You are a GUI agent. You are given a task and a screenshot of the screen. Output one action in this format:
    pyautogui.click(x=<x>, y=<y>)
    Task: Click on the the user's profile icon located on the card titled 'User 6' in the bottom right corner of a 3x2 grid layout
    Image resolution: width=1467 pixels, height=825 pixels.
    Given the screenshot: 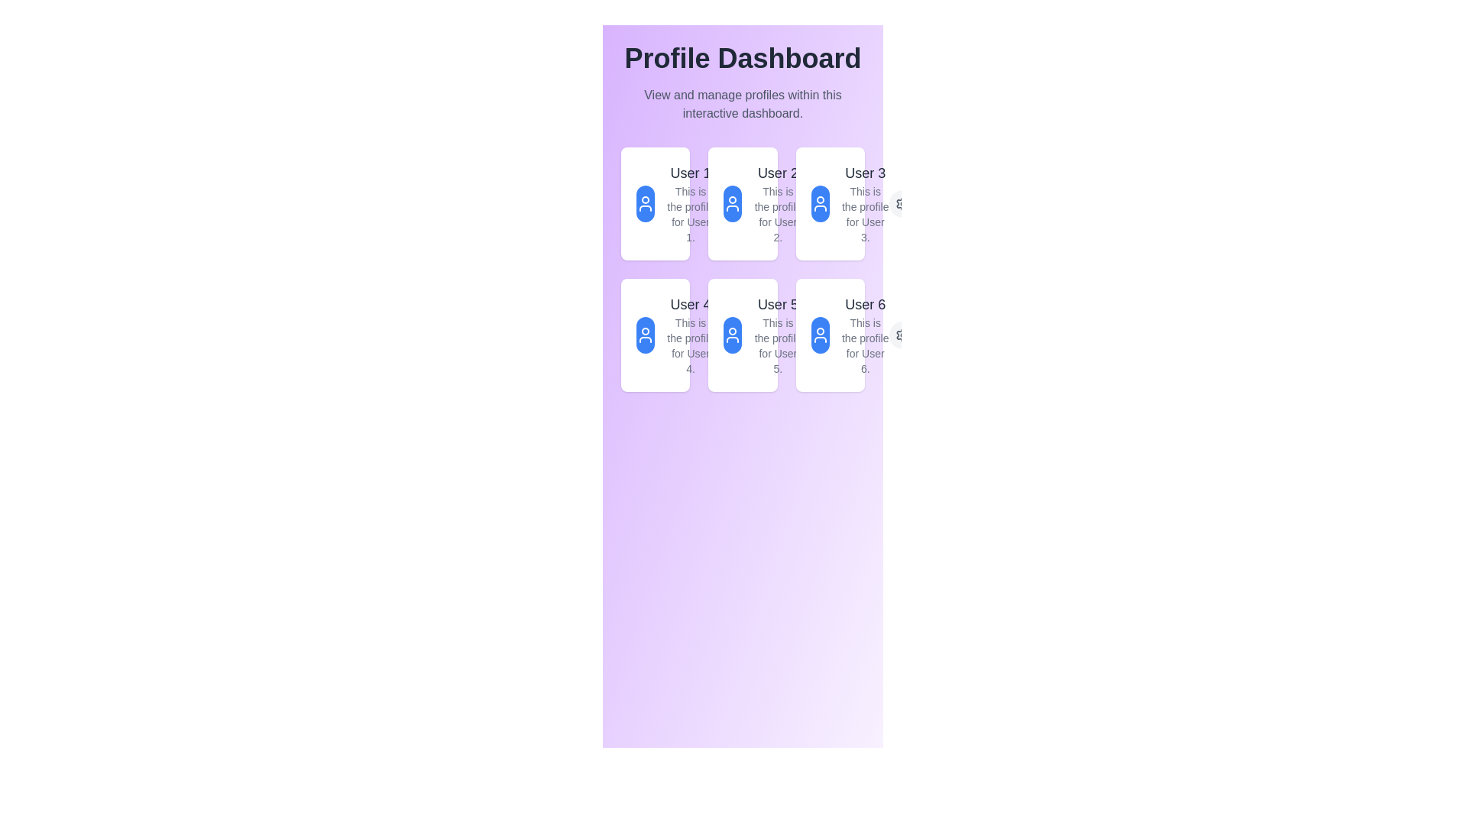 What is the action you would take?
    pyautogui.click(x=829, y=335)
    